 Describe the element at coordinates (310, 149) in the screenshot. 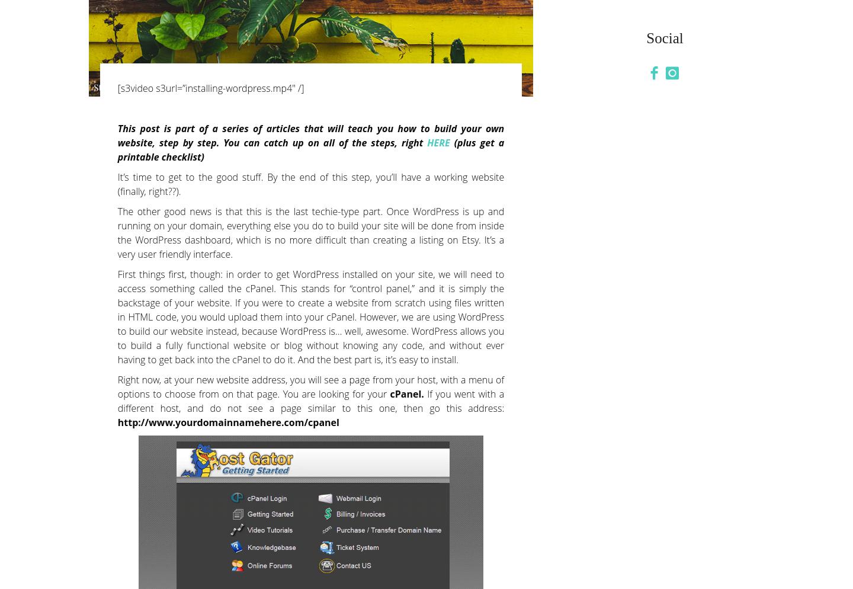

I see `'(plus get a printable checklist)'` at that location.